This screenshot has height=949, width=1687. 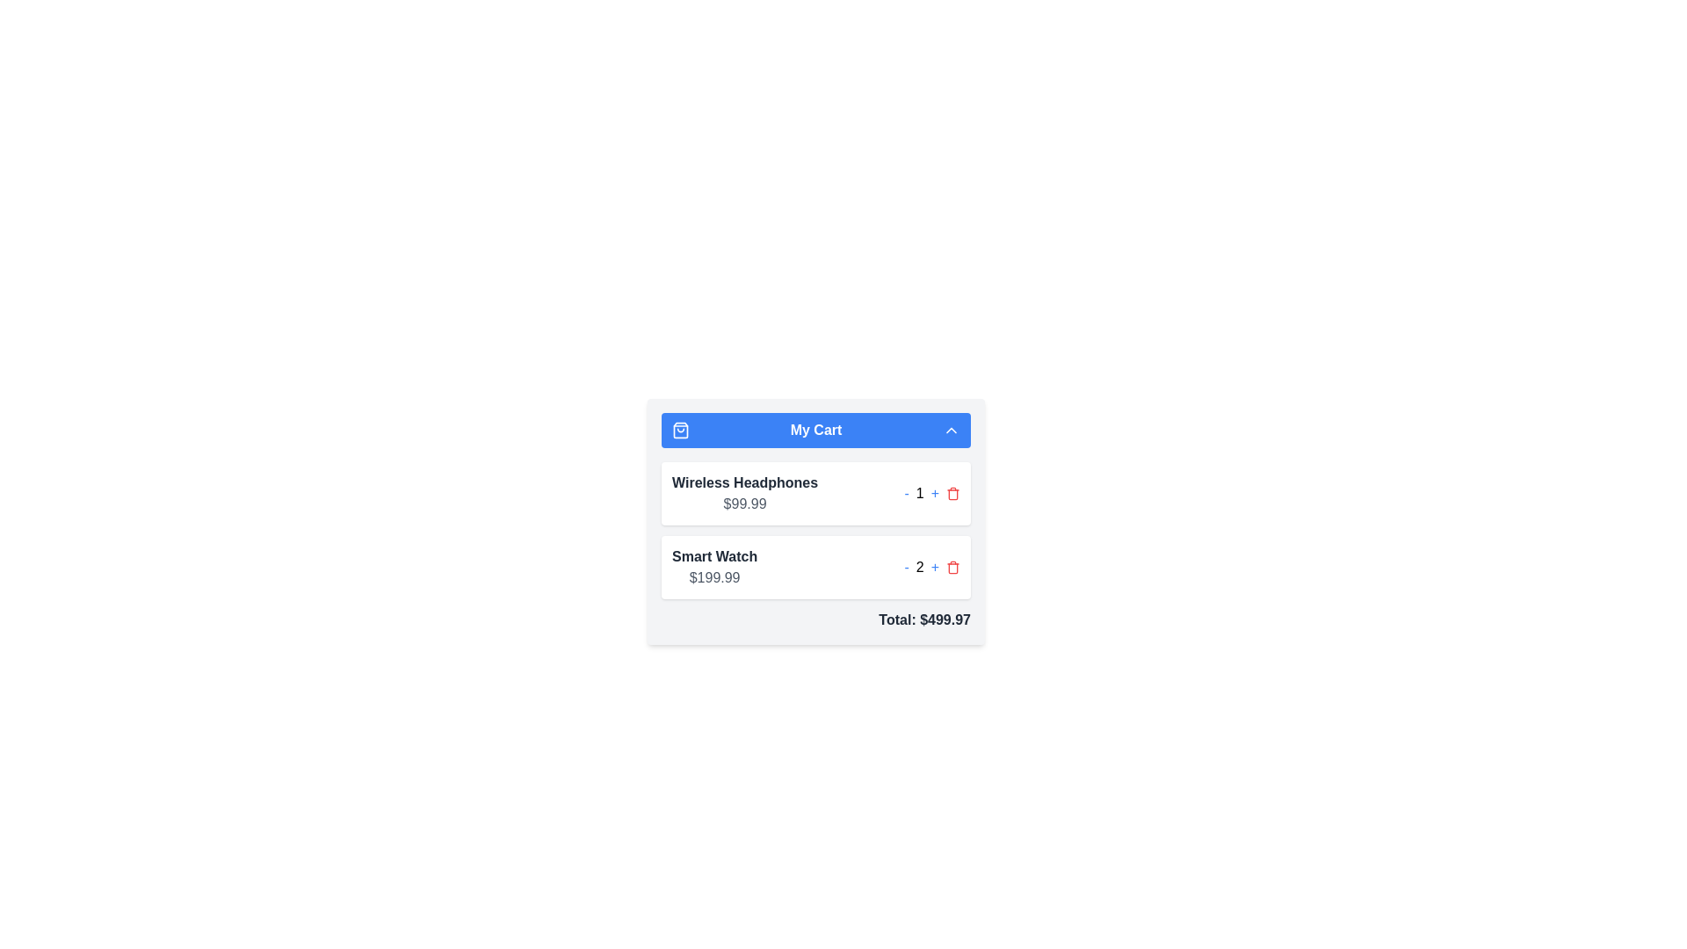 I want to click on the text label displaying the quantity of 'Smart Watch', so click(x=919, y=567).